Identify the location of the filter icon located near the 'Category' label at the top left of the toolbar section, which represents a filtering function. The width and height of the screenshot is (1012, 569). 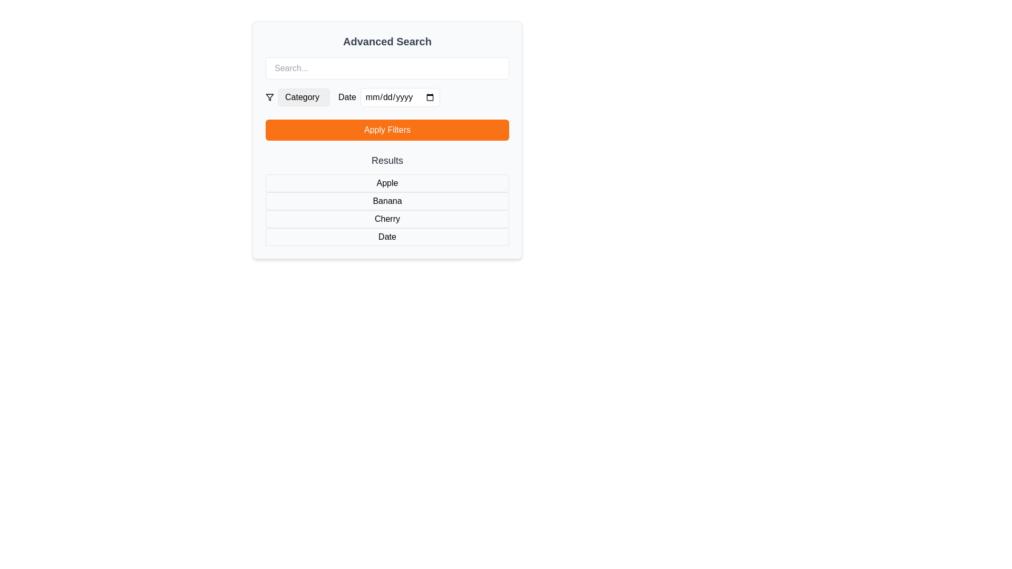
(270, 97).